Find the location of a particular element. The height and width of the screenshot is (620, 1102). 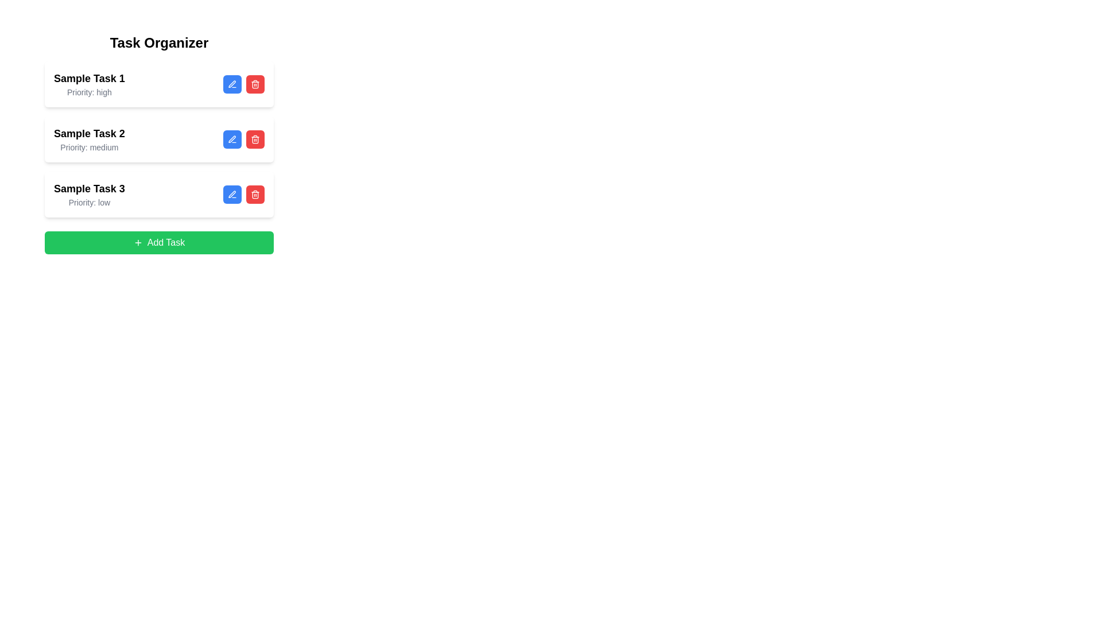

text of the element styled in bold as 'Sample Task 2', which is the main title of the second task card in a vertical list of tasks is located at coordinates (88, 133).